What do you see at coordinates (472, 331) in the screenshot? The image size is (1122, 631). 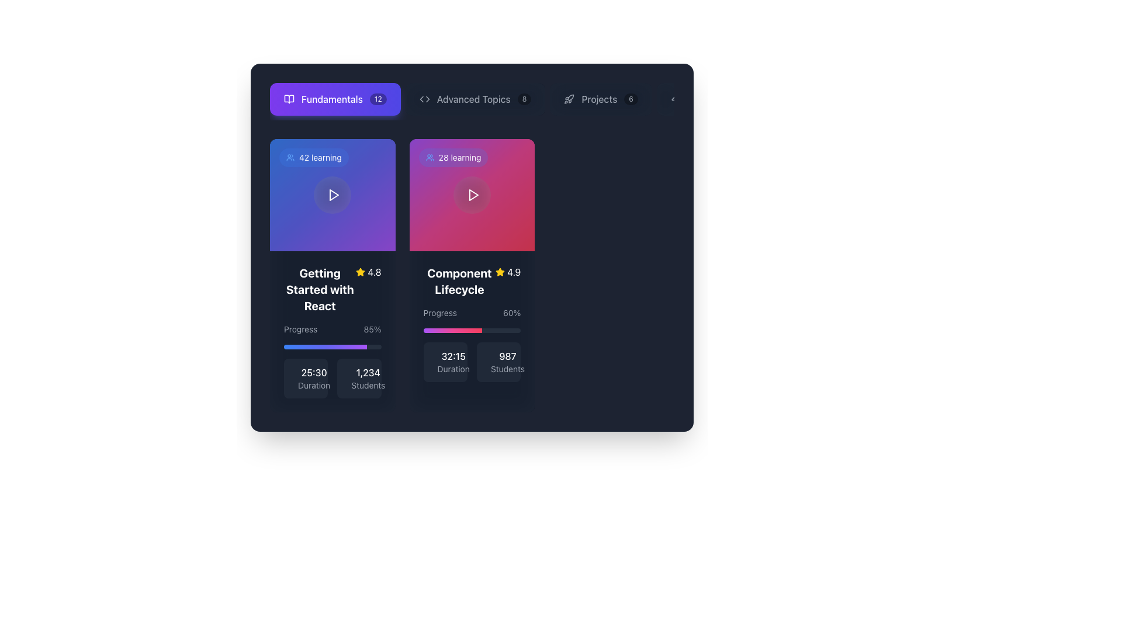 I see `the current progress visually on the Progress bar located within the 'Component Lifecycle' card, beneath the text 'Progress 60%'` at bounding box center [472, 331].